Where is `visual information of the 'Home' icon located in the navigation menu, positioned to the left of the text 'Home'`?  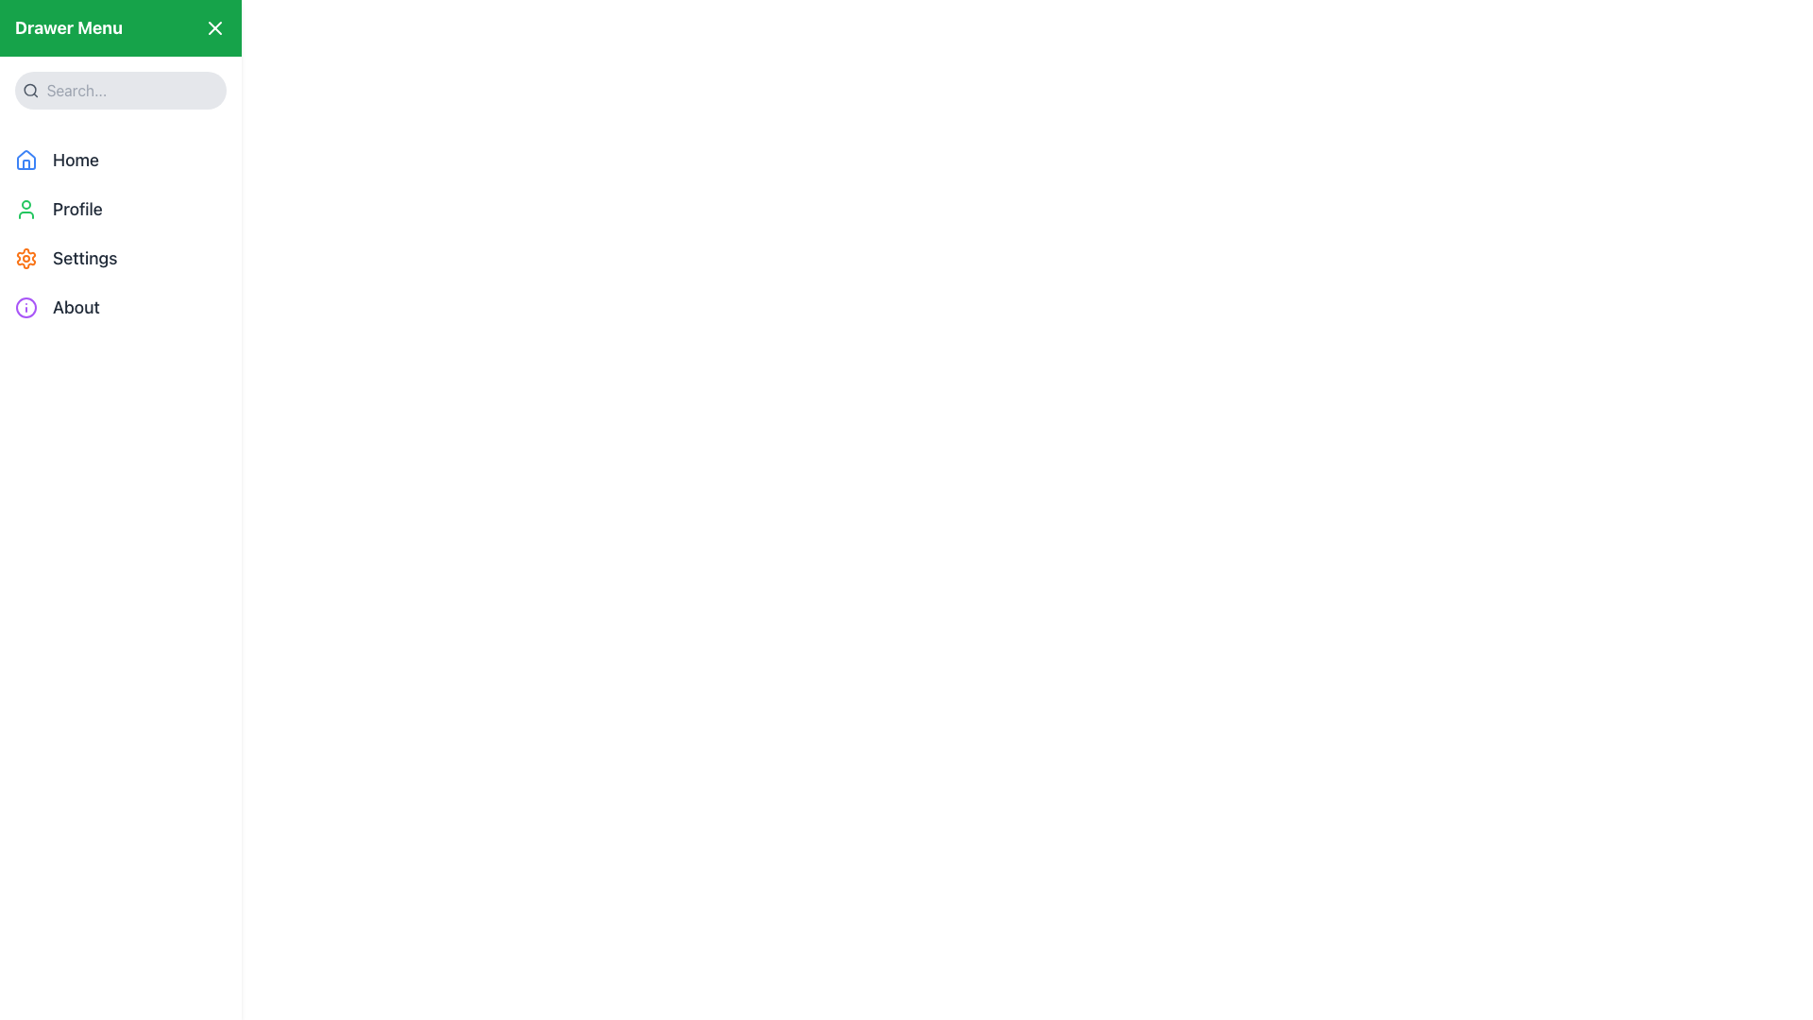 visual information of the 'Home' icon located in the navigation menu, positioned to the left of the text 'Home' is located at coordinates (26, 159).